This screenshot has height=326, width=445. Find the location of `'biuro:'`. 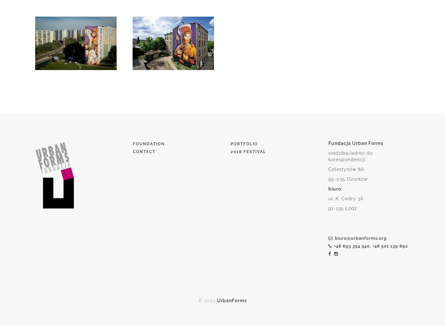

'biuro:' is located at coordinates (335, 189).